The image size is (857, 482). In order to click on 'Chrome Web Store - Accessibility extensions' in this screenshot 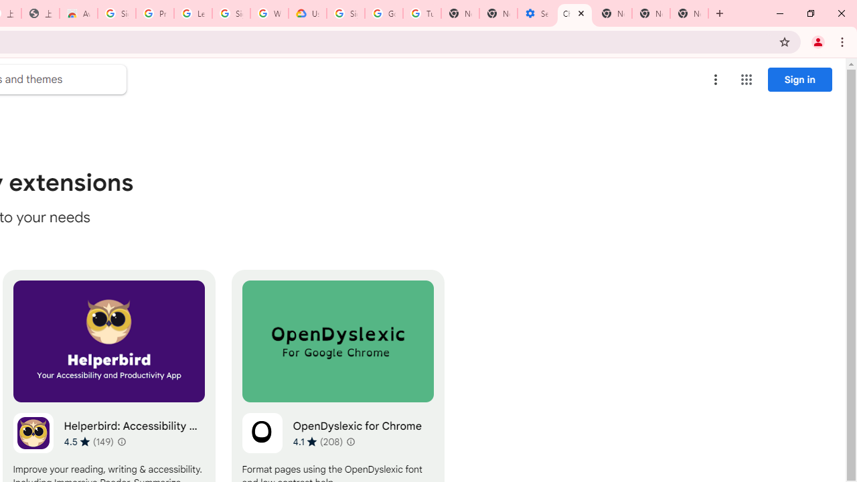, I will do `click(574, 13)`.